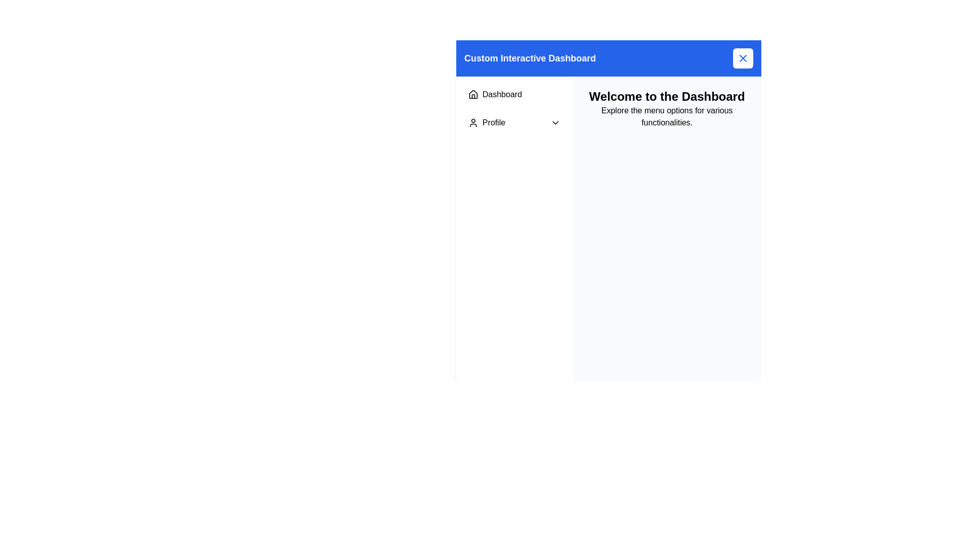  What do you see at coordinates (743, 58) in the screenshot?
I see `the close button located in the top-right corner of the blue header bar labeled 'Custom Interactive Dashboard'` at bounding box center [743, 58].